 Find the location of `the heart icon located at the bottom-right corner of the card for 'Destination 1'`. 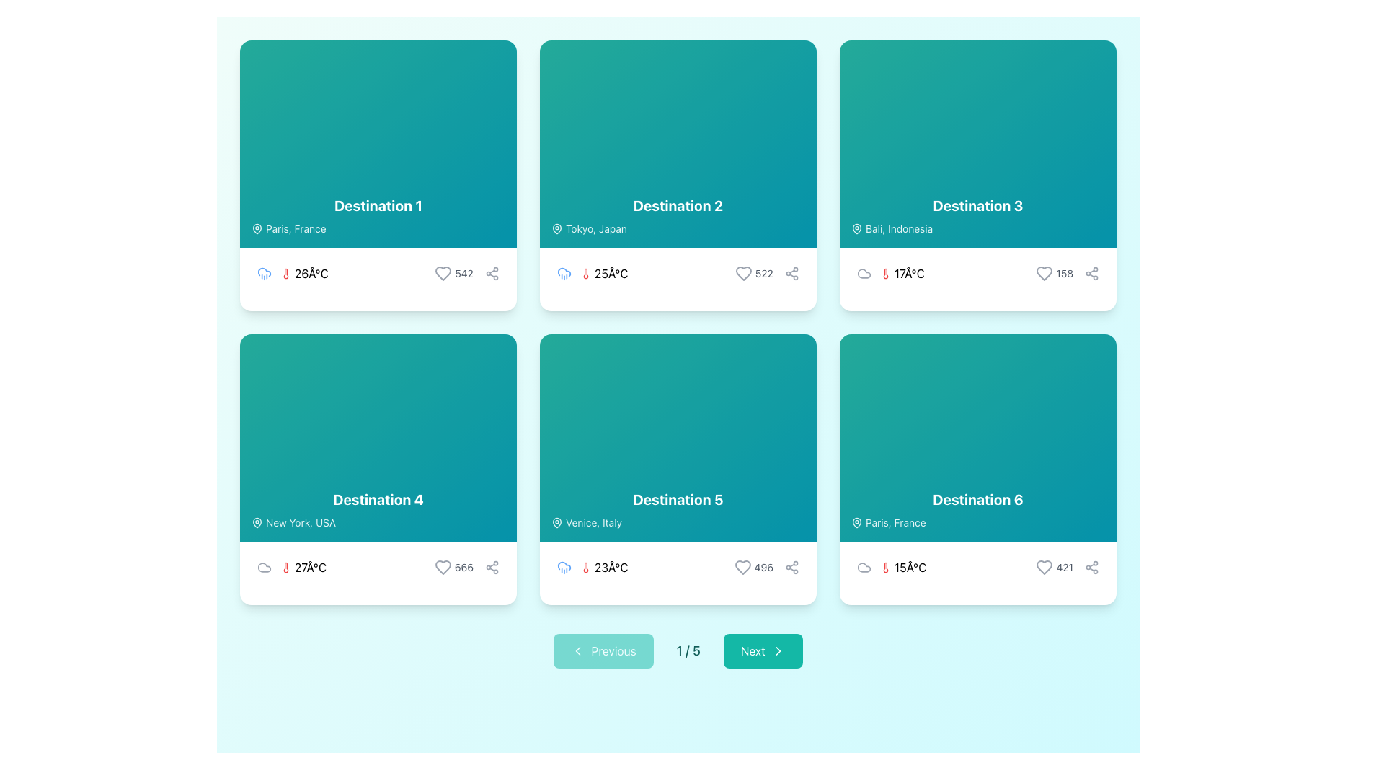

the heart icon located at the bottom-right corner of the card for 'Destination 1' is located at coordinates (443, 274).